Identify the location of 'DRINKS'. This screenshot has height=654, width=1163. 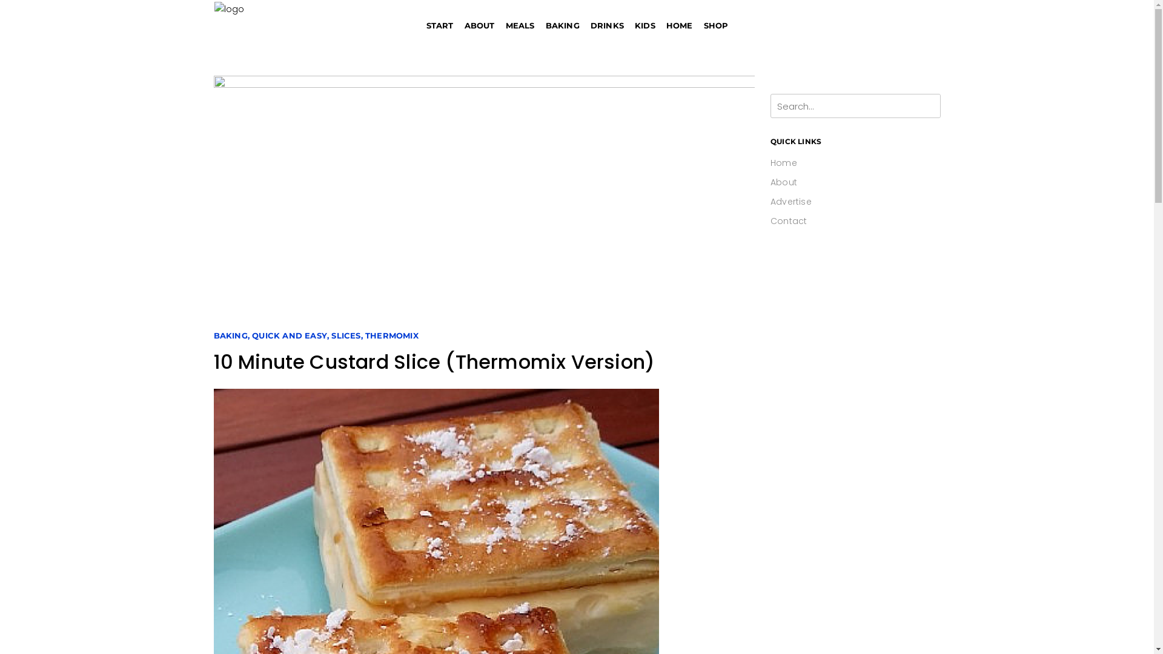
(607, 25).